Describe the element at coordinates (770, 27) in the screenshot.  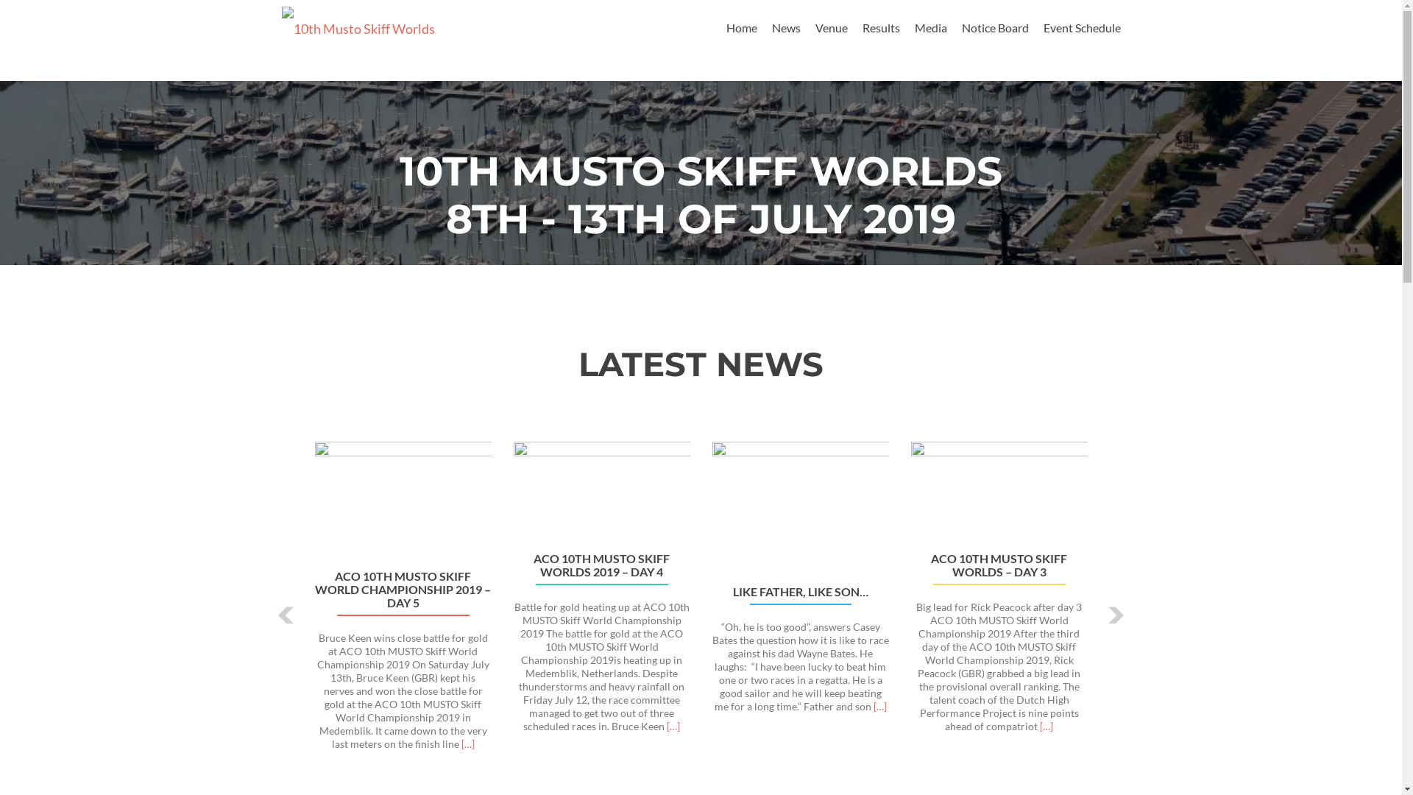
I see `'News'` at that location.